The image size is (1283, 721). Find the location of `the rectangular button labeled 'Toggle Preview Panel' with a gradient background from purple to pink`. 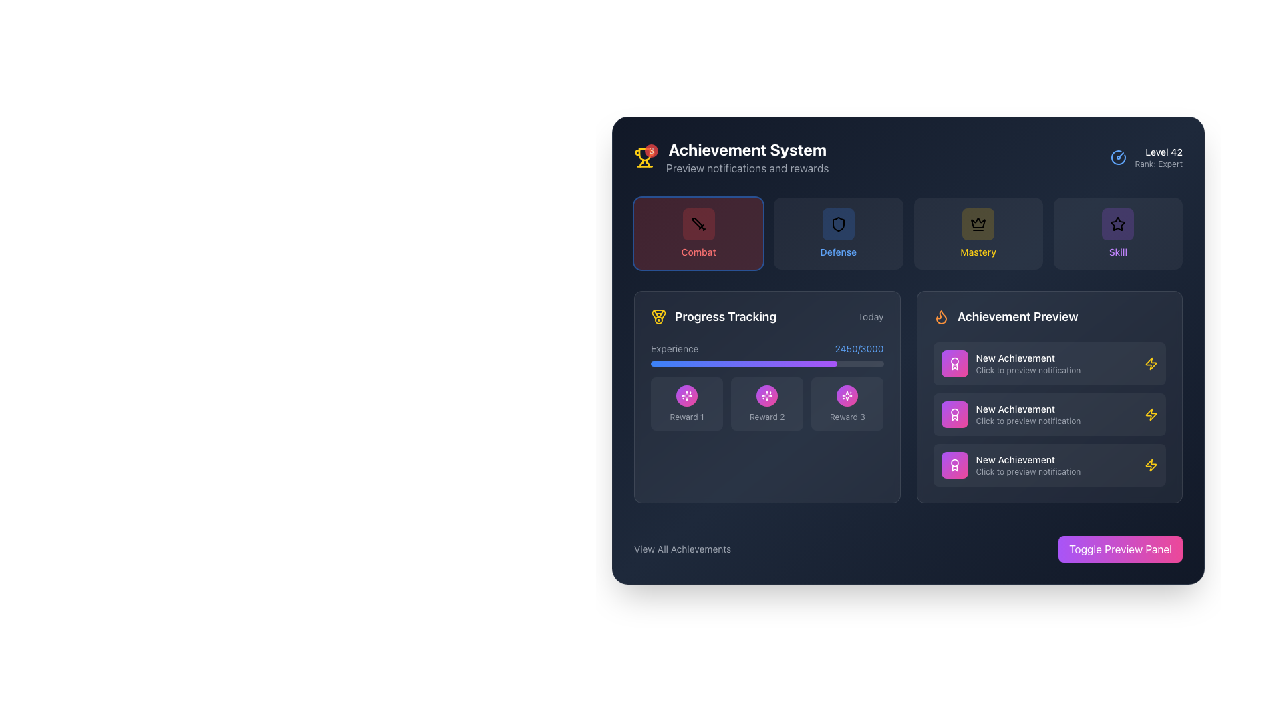

the rectangular button labeled 'Toggle Preview Panel' with a gradient background from purple to pink is located at coordinates (1121, 549).